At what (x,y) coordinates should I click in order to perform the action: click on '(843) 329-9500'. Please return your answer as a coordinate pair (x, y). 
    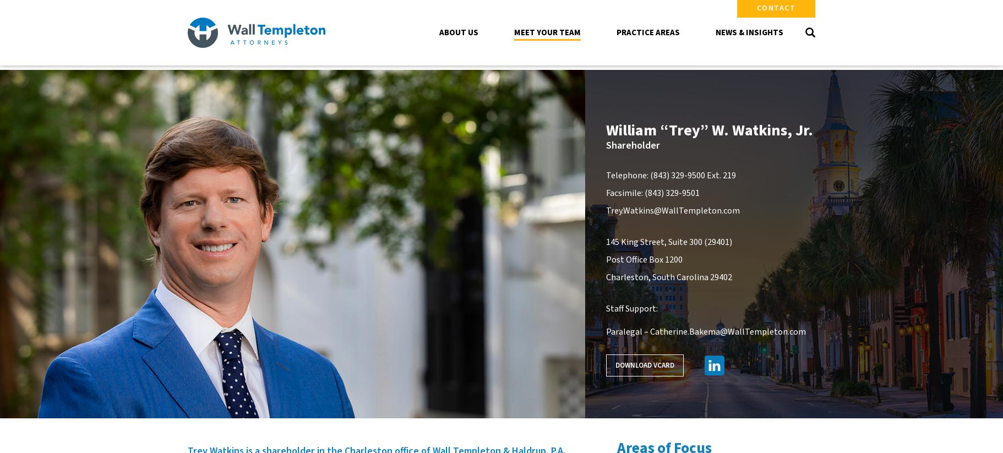
    Looking at the image, I should click on (677, 174).